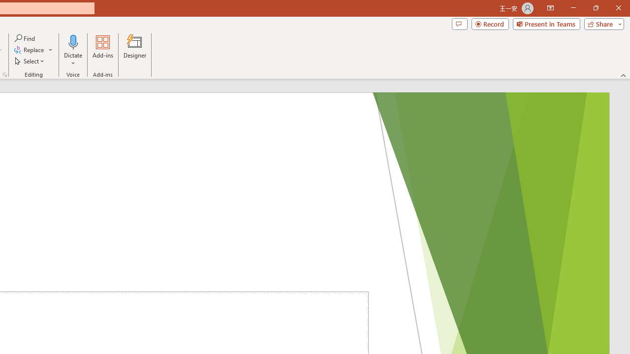 The width and height of the screenshot is (630, 354). I want to click on 'Designer', so click(134, 51).